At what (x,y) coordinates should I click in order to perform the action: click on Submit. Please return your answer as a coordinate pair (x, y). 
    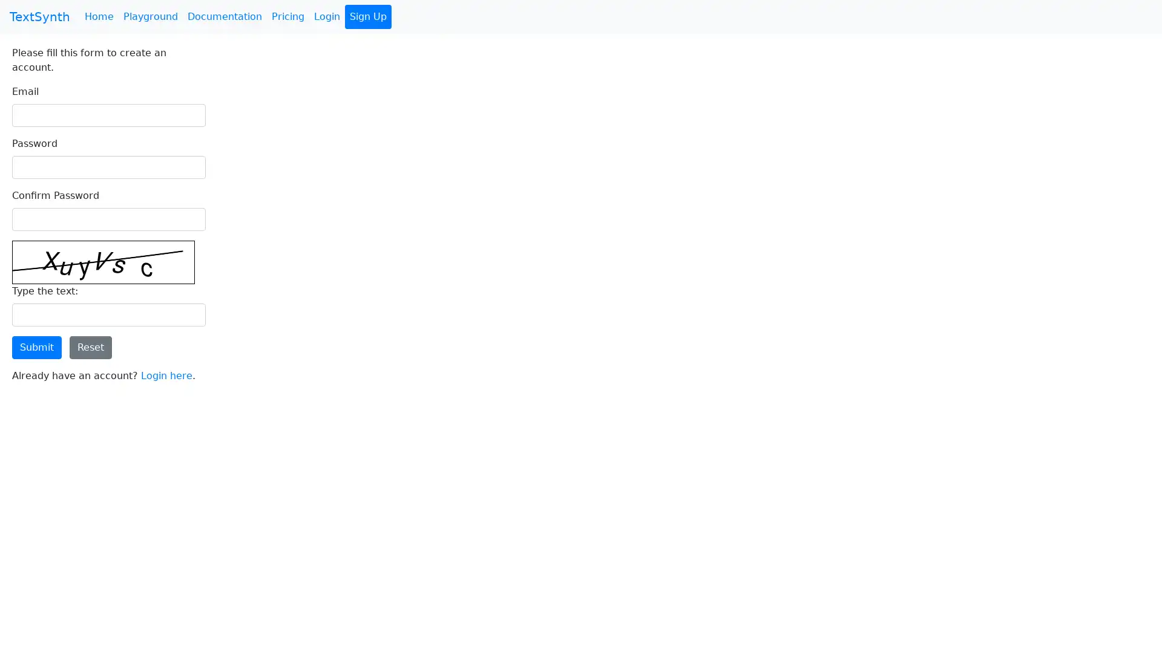
    Looking at the image, I should click on (37, 347).